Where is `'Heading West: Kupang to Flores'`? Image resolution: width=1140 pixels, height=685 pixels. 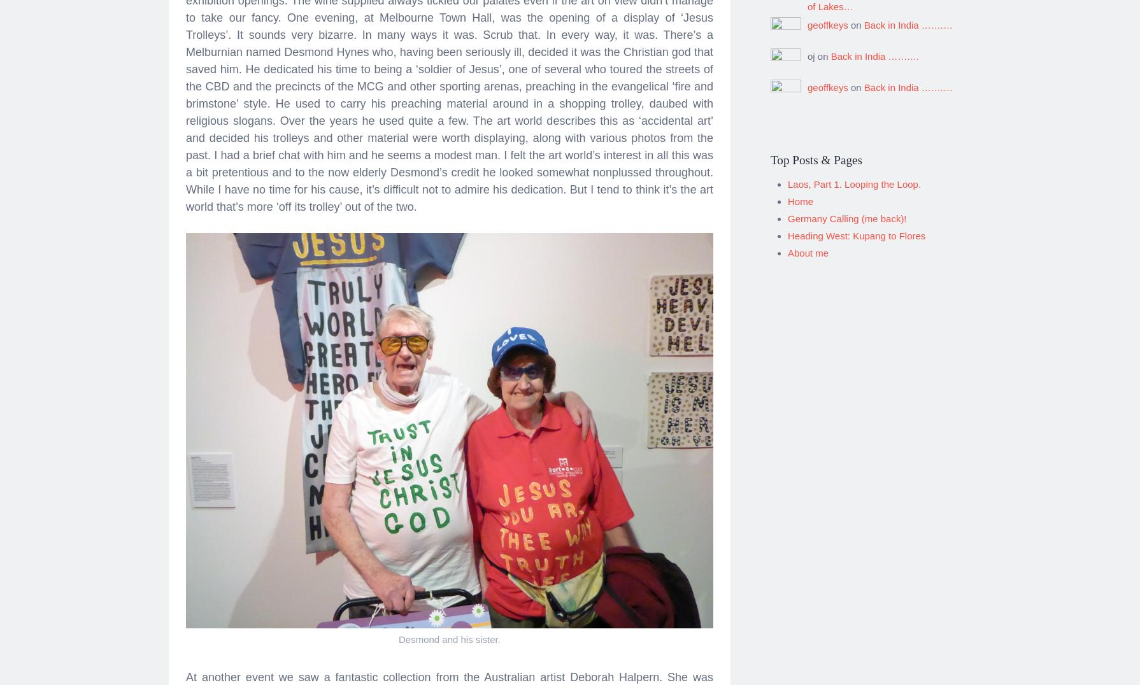 'Heading West: Kupang to Flores' is located at coordinates (788, 230).